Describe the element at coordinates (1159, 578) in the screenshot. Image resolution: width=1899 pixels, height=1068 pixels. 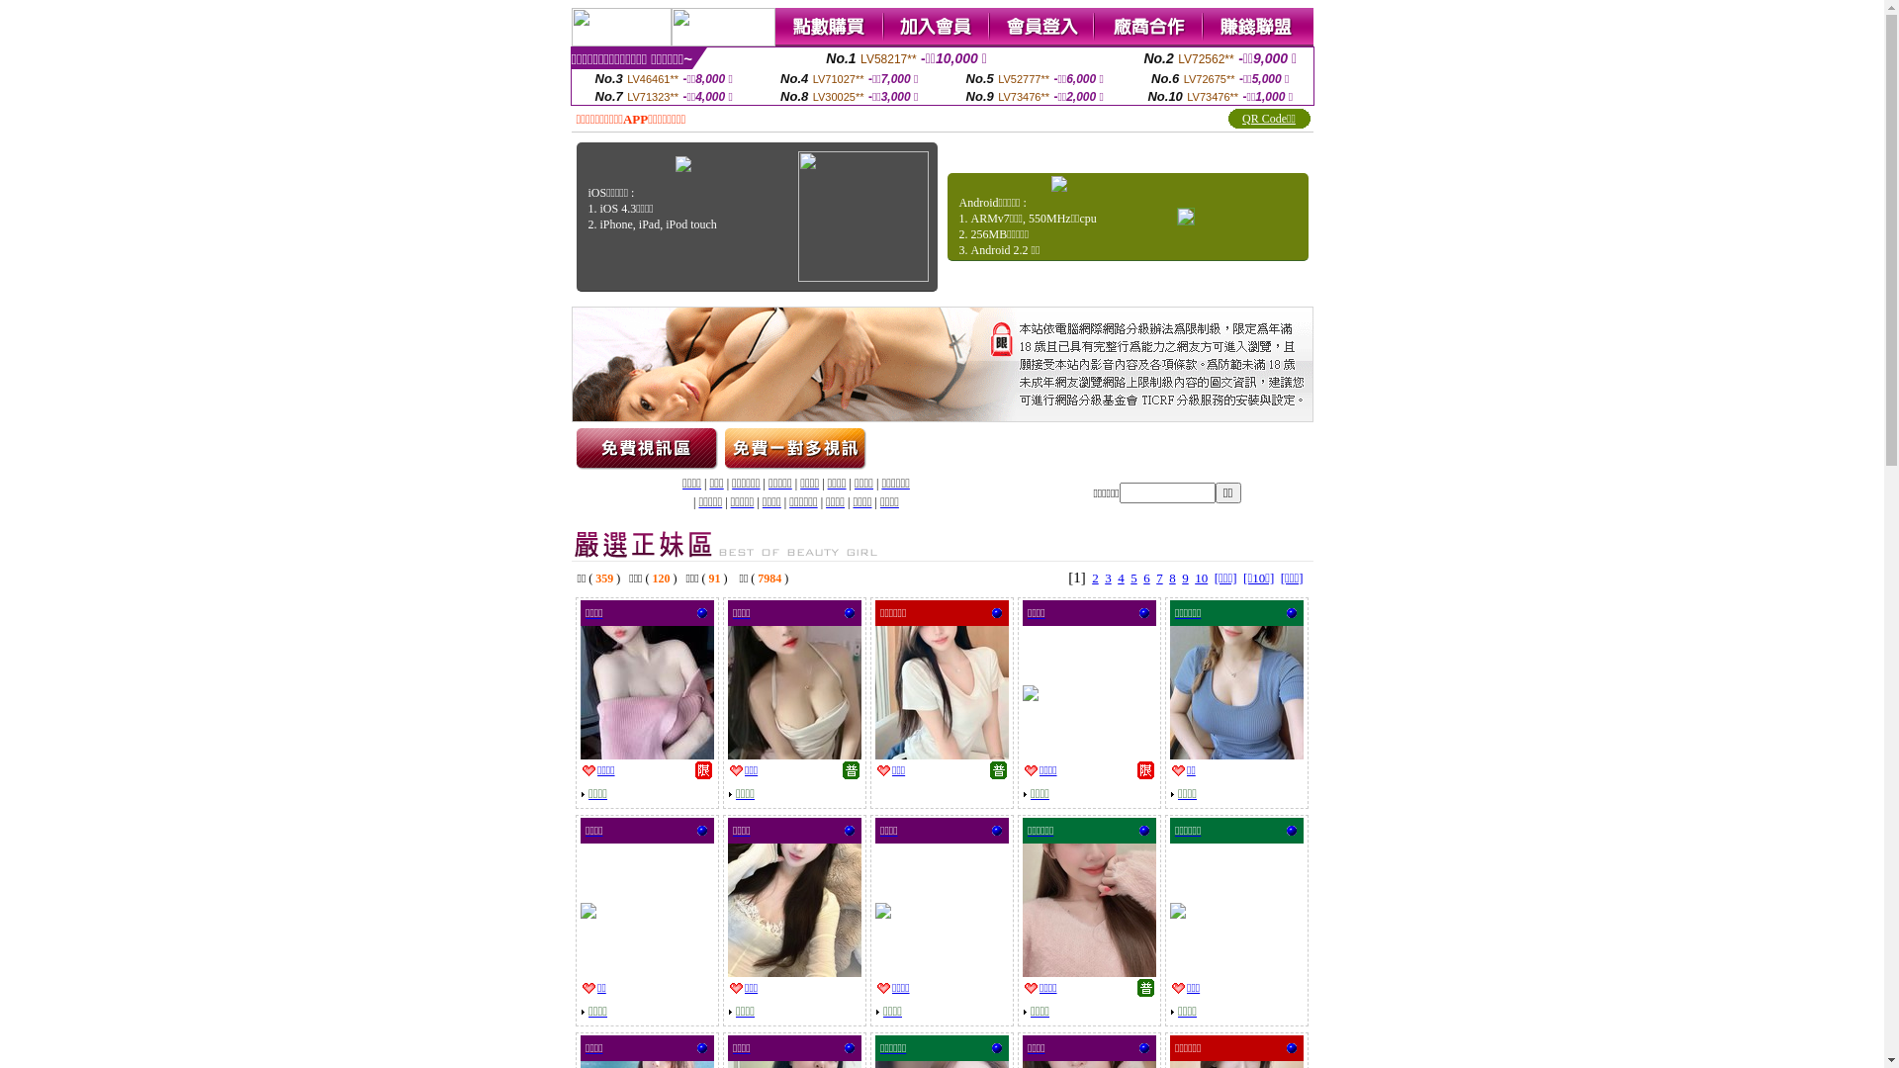
I see `'7'` at that location.